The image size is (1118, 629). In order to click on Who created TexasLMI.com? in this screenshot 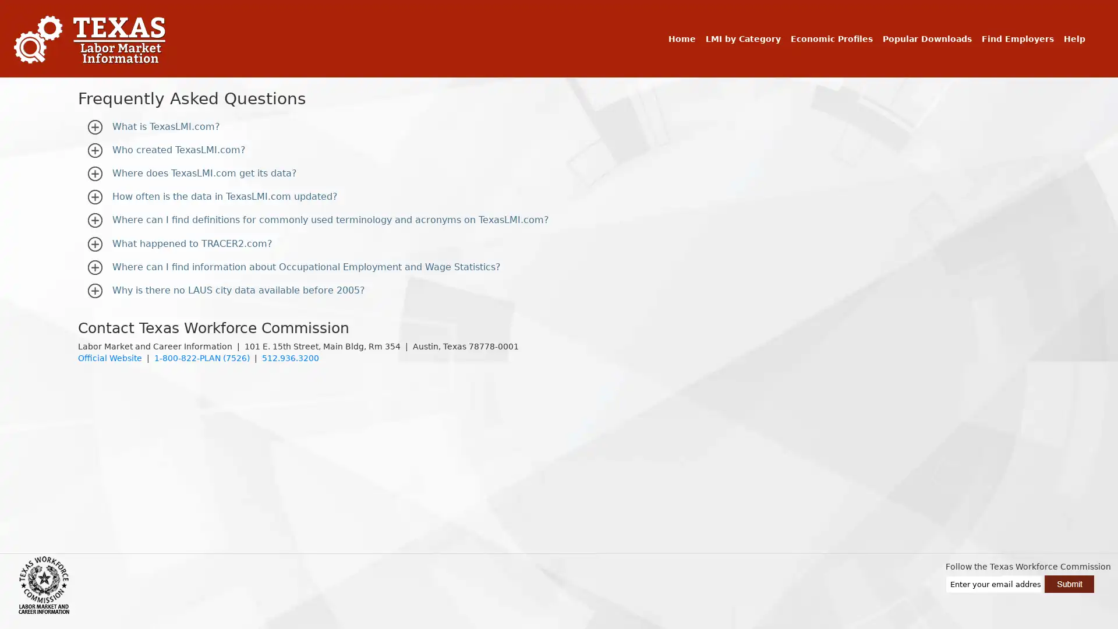, I will do `click(558, 149)`.